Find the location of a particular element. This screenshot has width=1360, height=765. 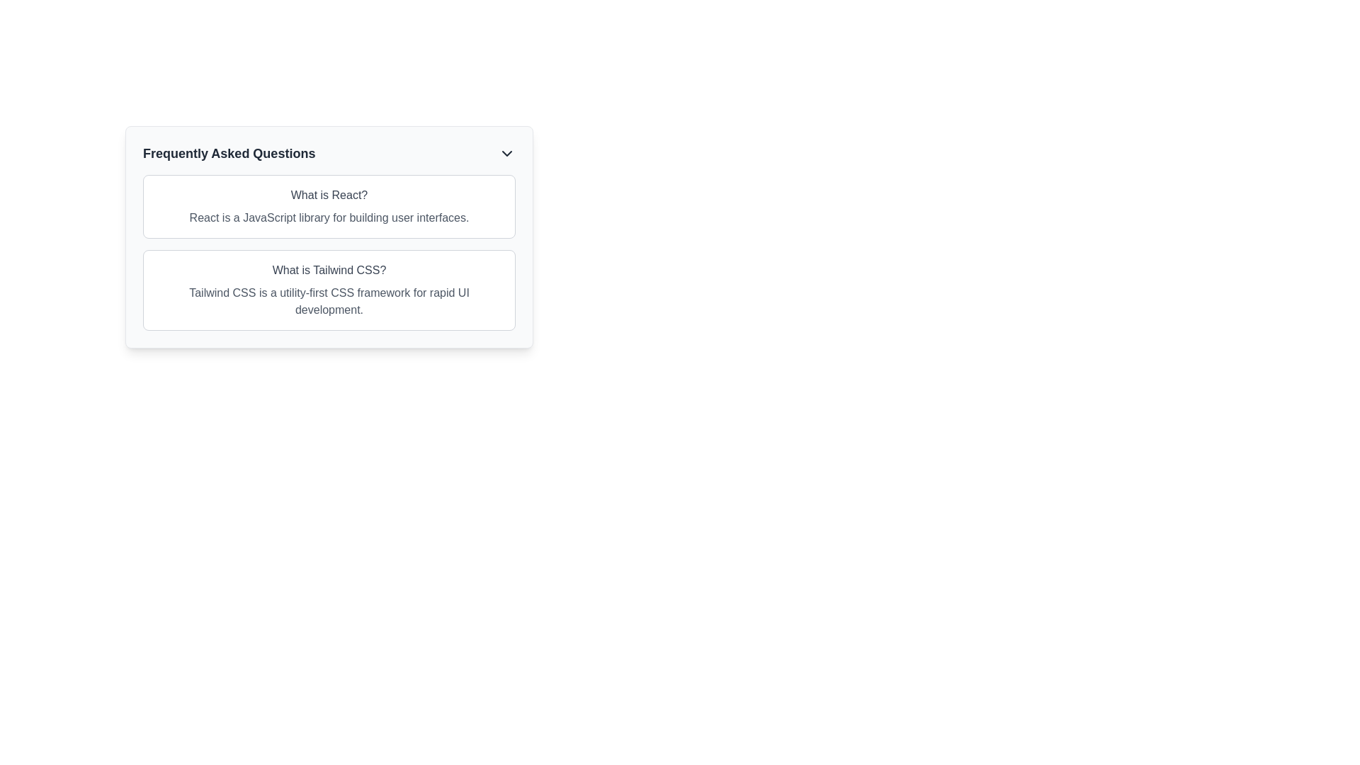

the text label that serves as a header for the FAQs section is located at coordinates (229, 153).